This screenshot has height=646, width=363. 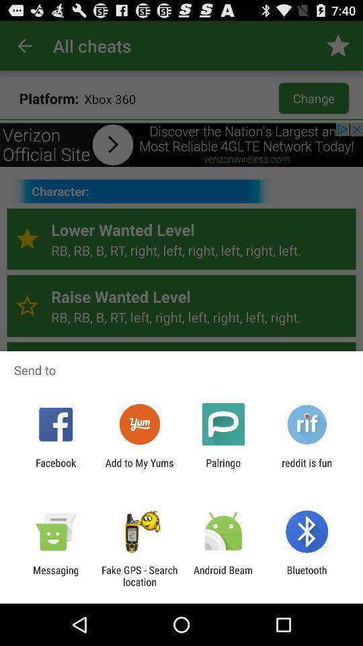 What do you see at coordinates (223, 575) in the screenshot?
I see `the android beam` at bounding box center [223, 575].